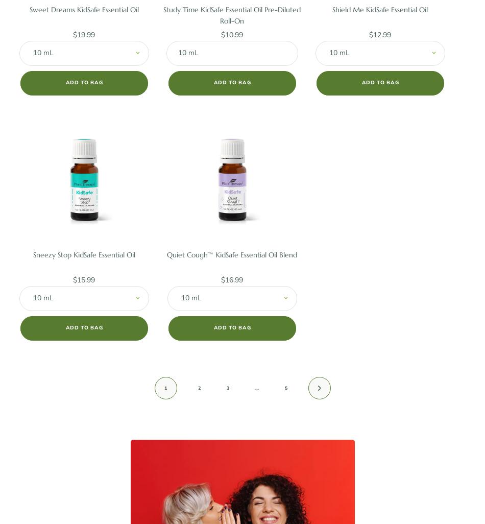 Image resolution: width=485 pixels, height=524 pixels. I want to click on '30 mL
$39.99', so click(84, 89).